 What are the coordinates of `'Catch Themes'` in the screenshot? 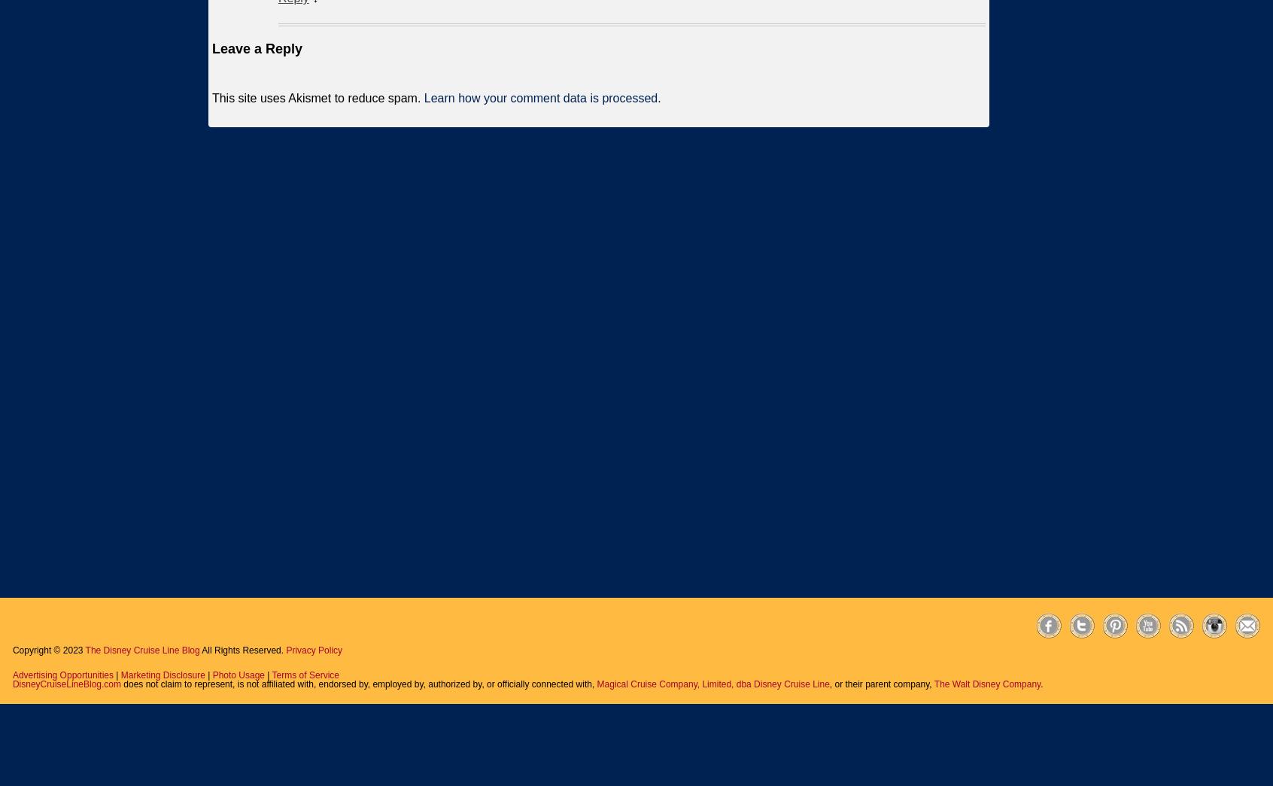 It's located at (1230, 649).